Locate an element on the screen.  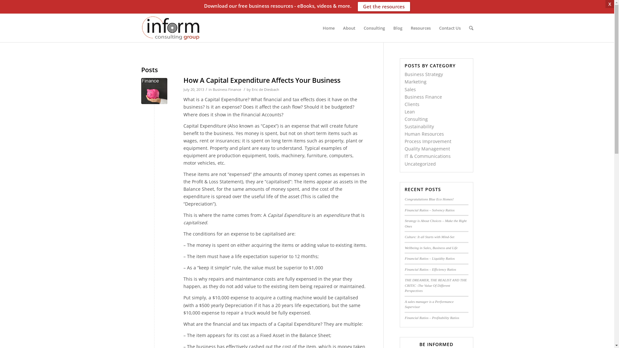
'Get the resources' is located at coordinates (384, 6).